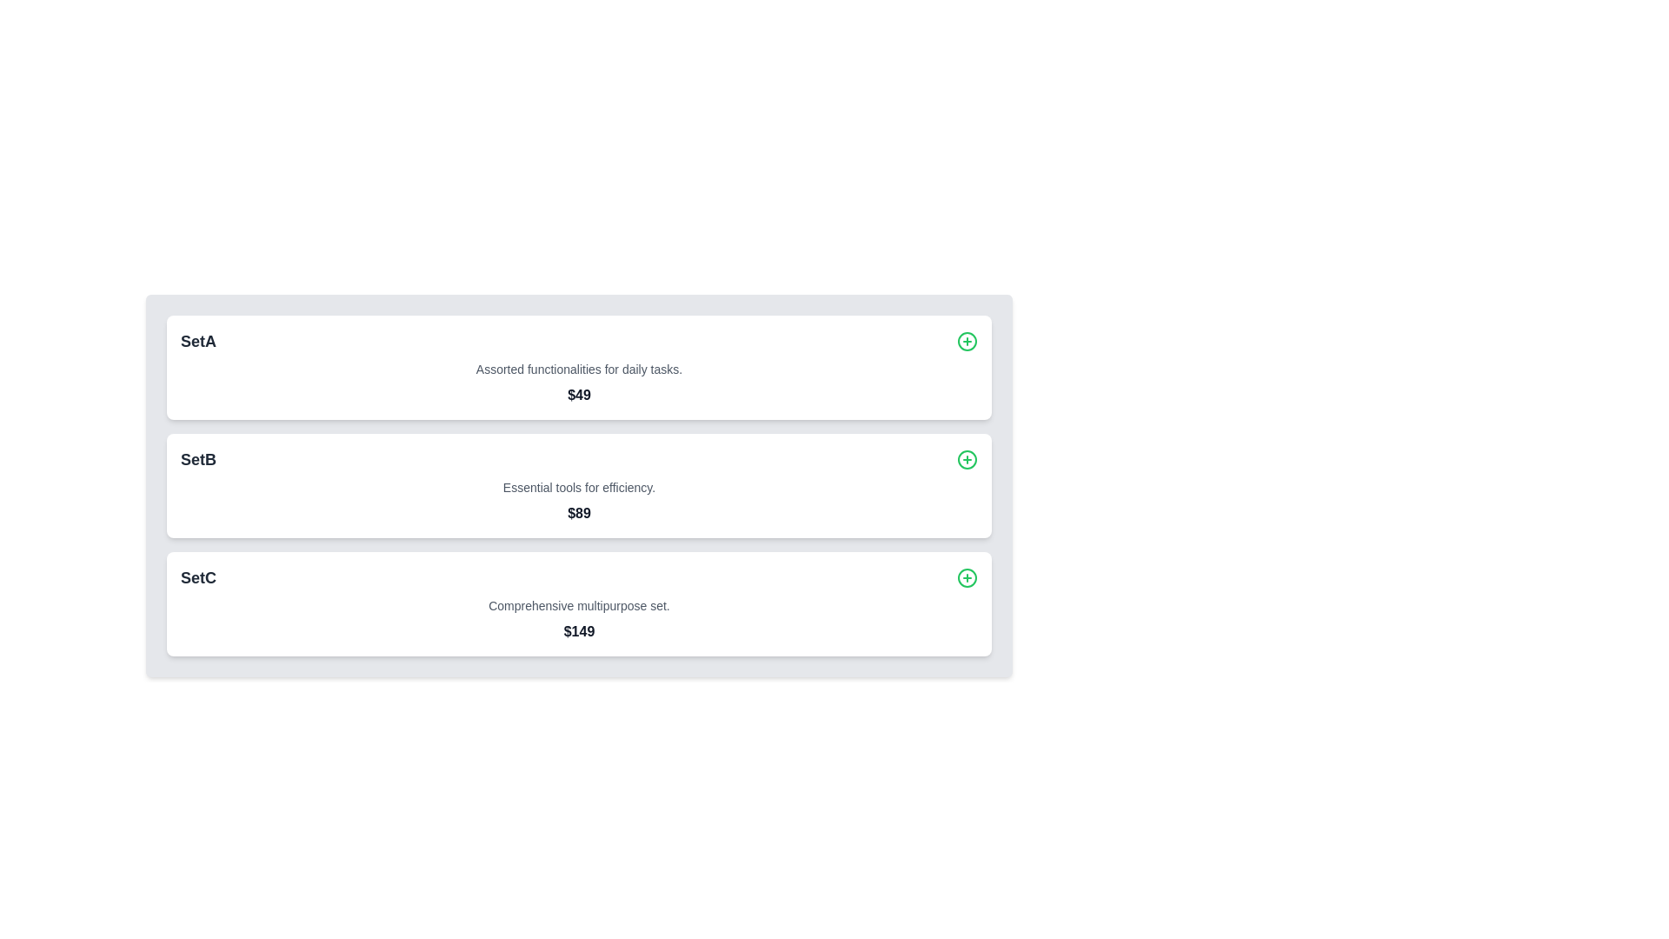 The image size is (1669, 939). Describe the element at coordinates (579, 487) in the screenshot. I see `the text label displaying 'Essential tools for efficiency.' which is located below the label 'SetB' and above the price '$89' within the panel titled 'SetB'` at that location.